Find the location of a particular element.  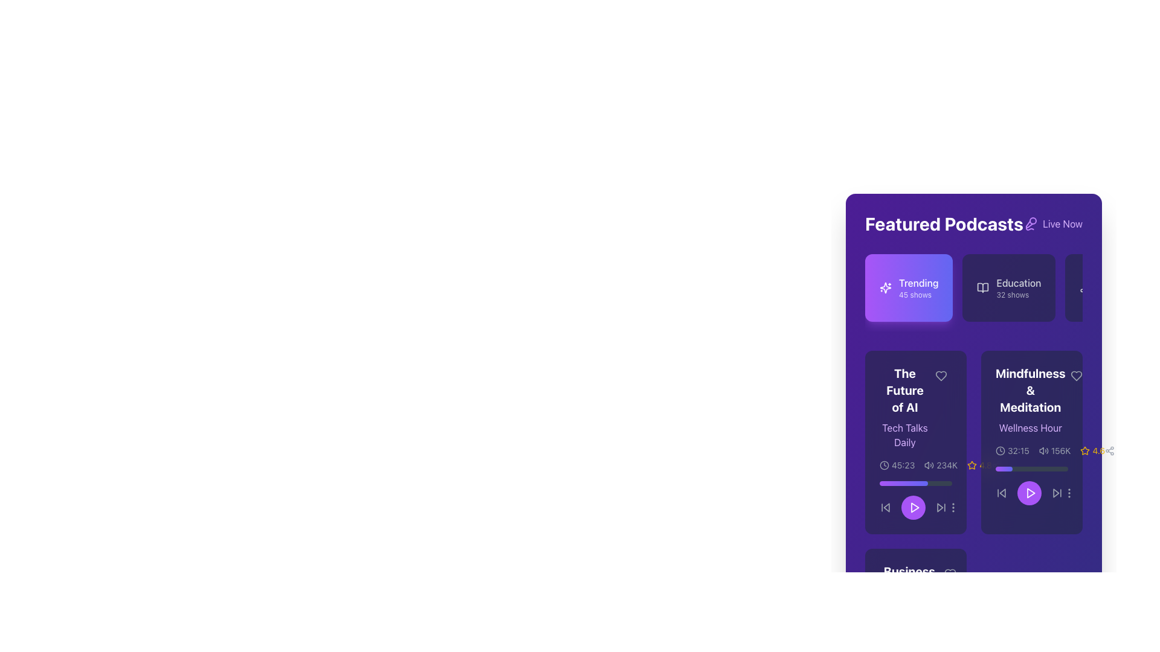

the time duration text label located to the right of the clock icon within the 'Mindfulness & Meditation' card in the 'Featured Podcasts' section is located at coordinates (1017, 451).